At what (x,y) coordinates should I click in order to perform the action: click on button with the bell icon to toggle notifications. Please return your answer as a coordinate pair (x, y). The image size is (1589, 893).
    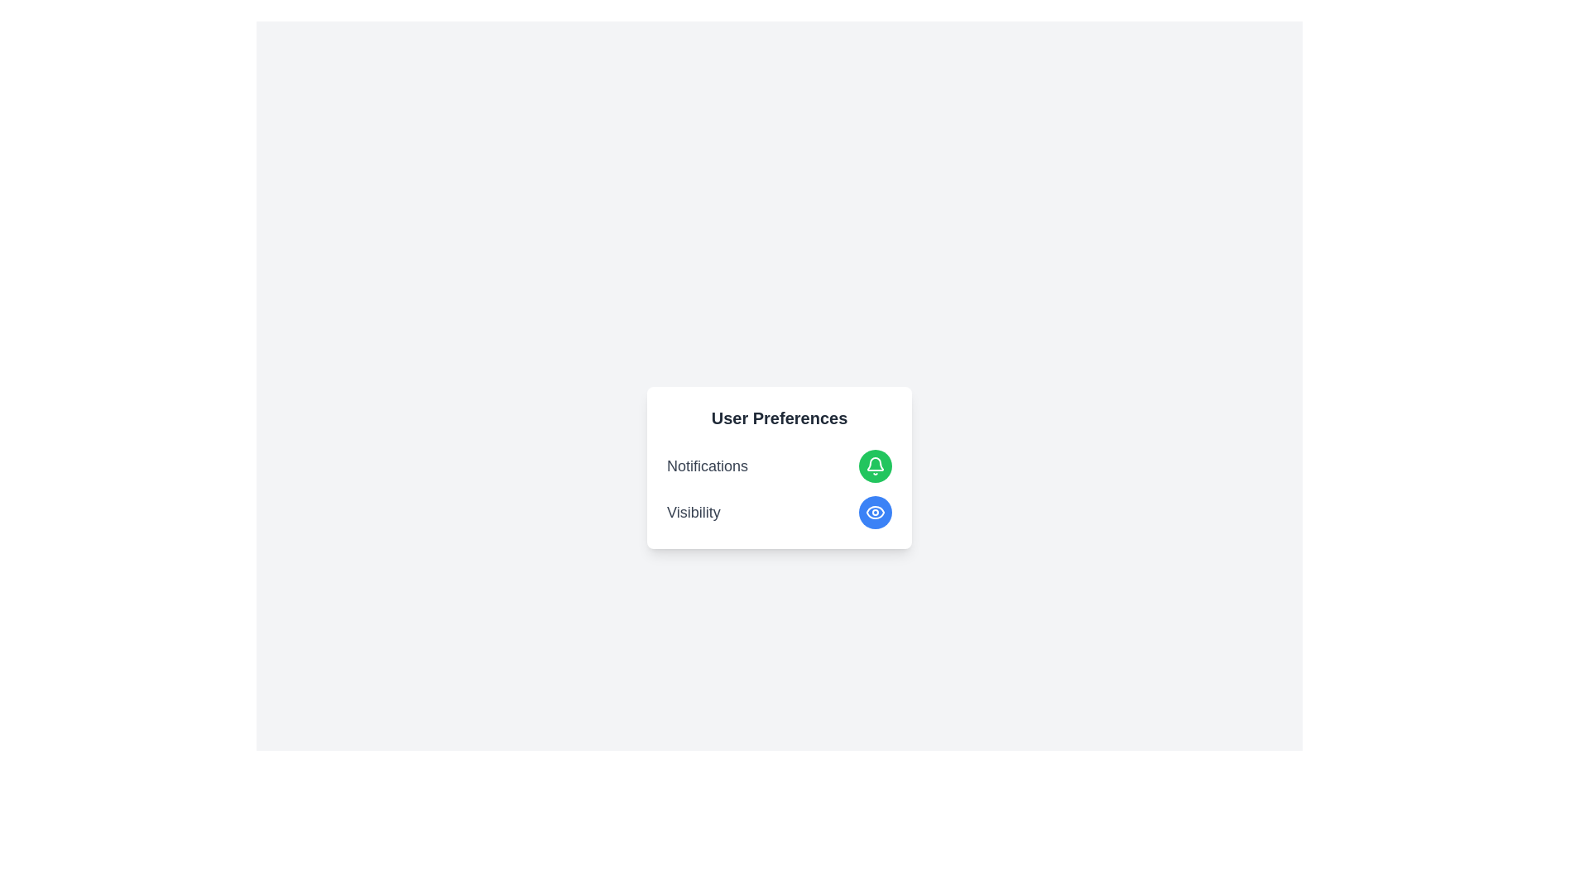
    Looking at the image, I should click on (874, 466).